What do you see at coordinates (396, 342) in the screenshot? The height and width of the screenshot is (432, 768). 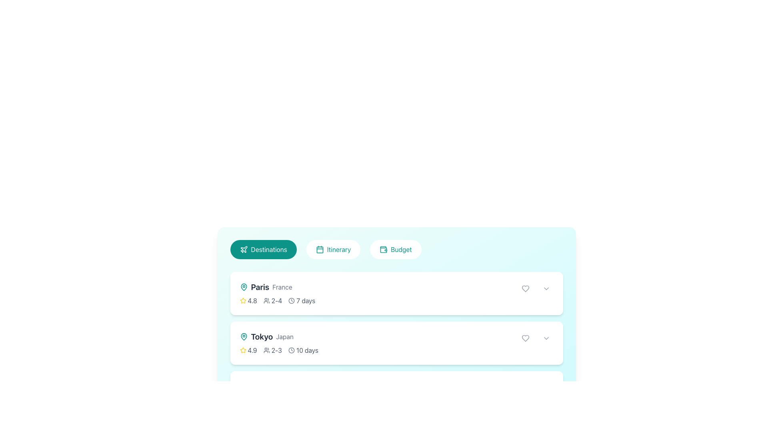 I see `the static informational card displaying 'Tokyo, Japan', which is the second item in a horizontal list of informational cards` at bounding box center [396, 342].